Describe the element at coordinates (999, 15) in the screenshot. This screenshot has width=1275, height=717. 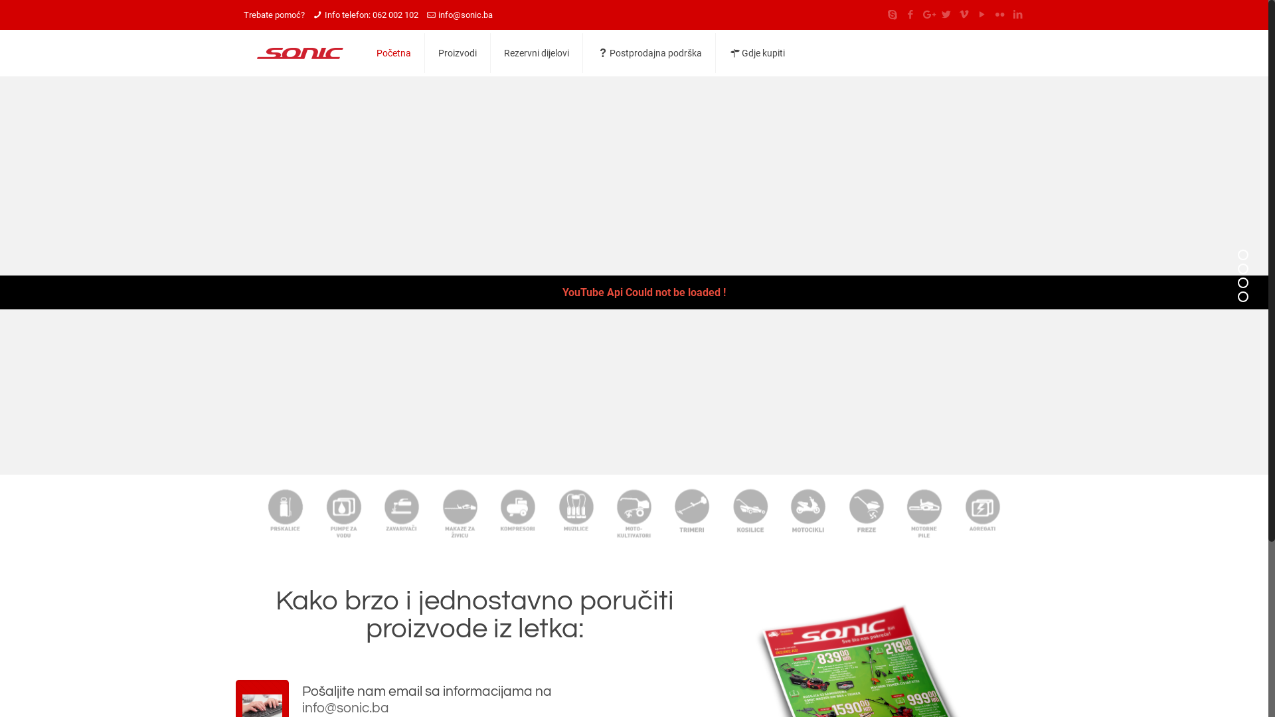
I see `'Flickr'` at that location.